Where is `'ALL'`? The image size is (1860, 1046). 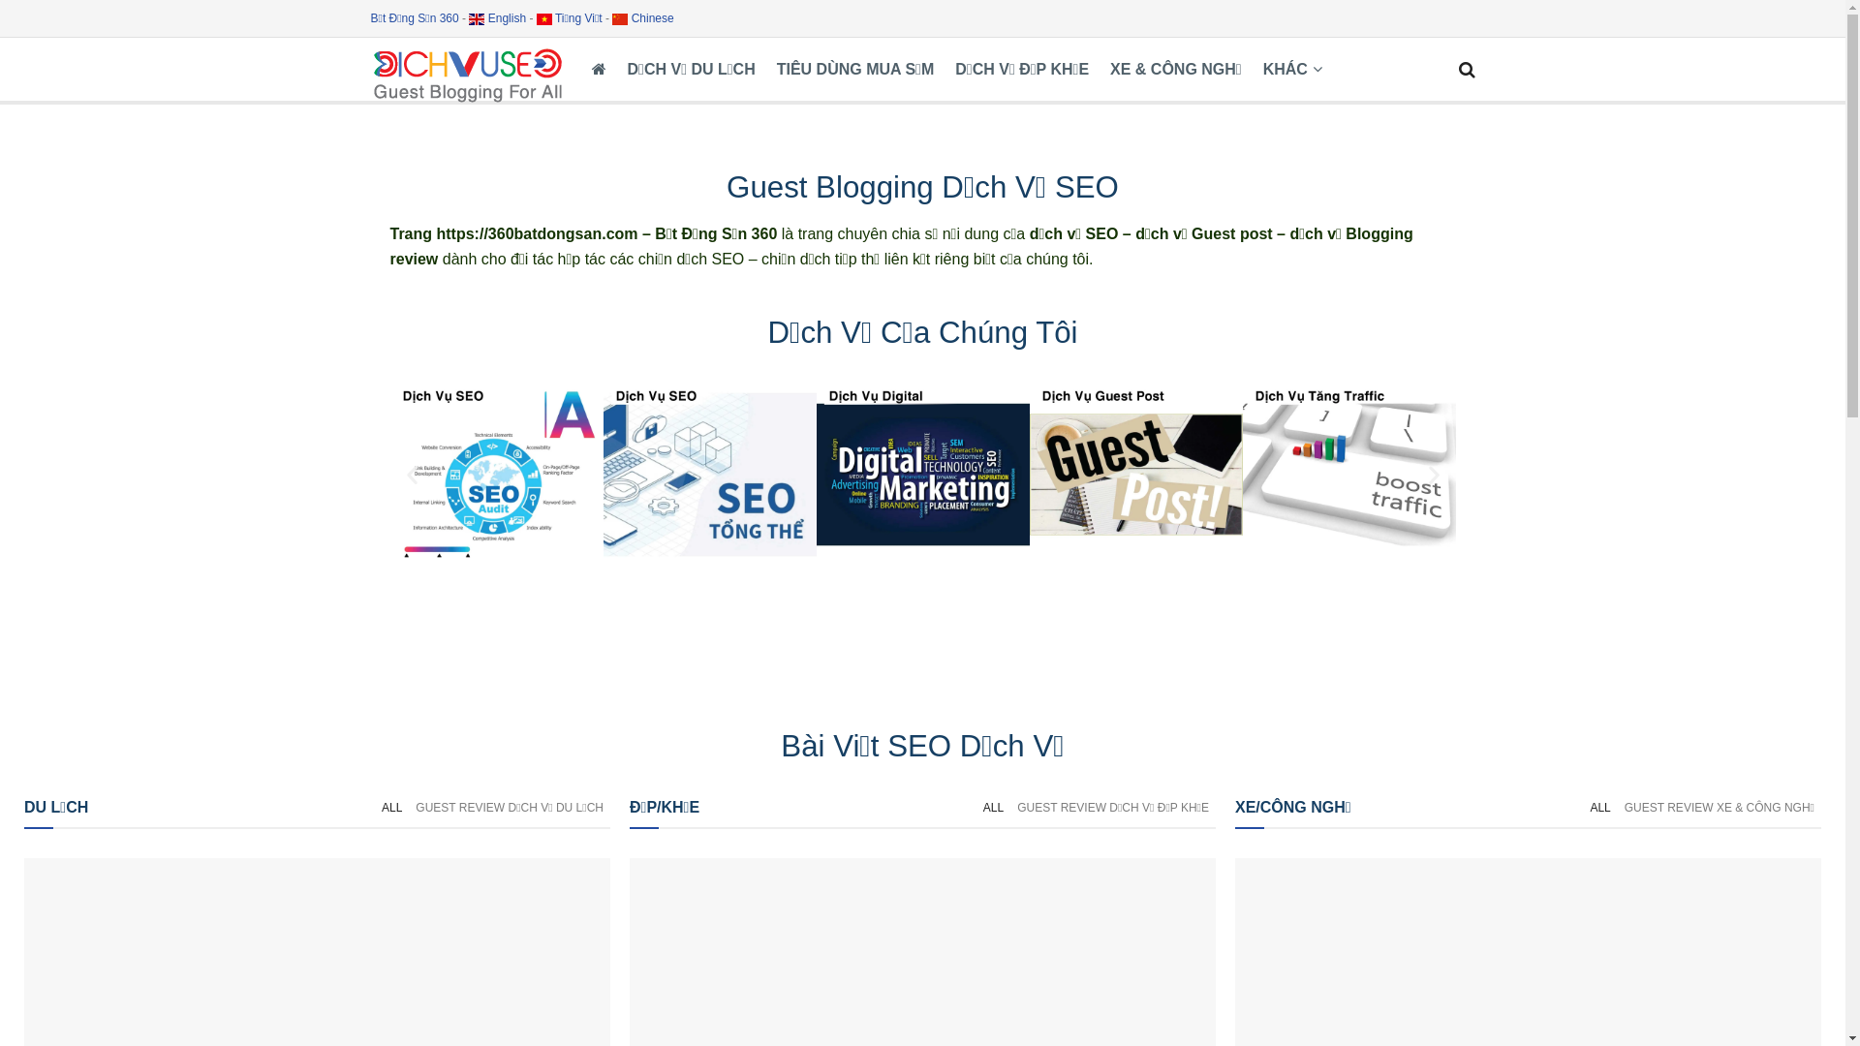
'ALL' is located at coordinates (993, 807).